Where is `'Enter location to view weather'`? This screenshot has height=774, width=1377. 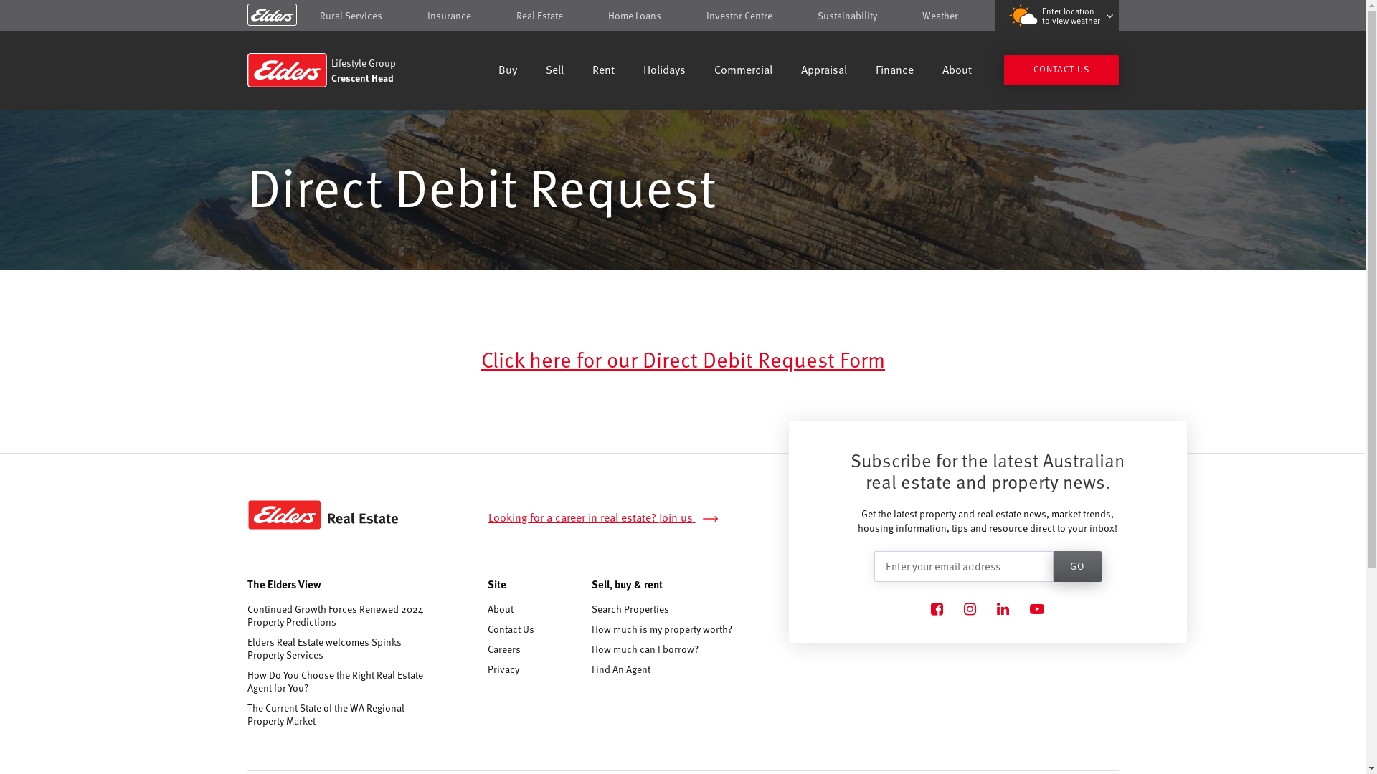
'Enter location to view weather' is located at coordinates (1056, 15).